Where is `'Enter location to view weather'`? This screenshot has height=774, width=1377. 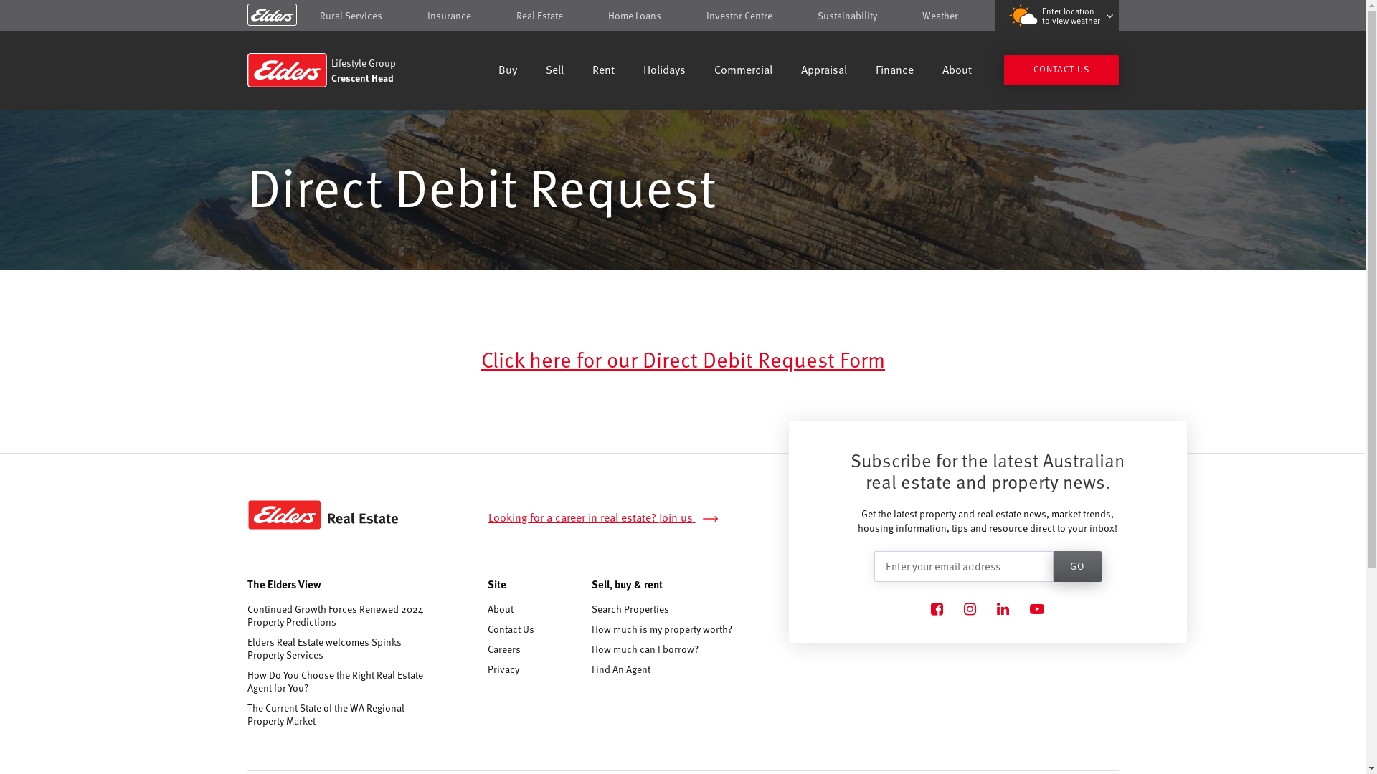
'Enter location to view weather' is located at coordinates (1056, 15).